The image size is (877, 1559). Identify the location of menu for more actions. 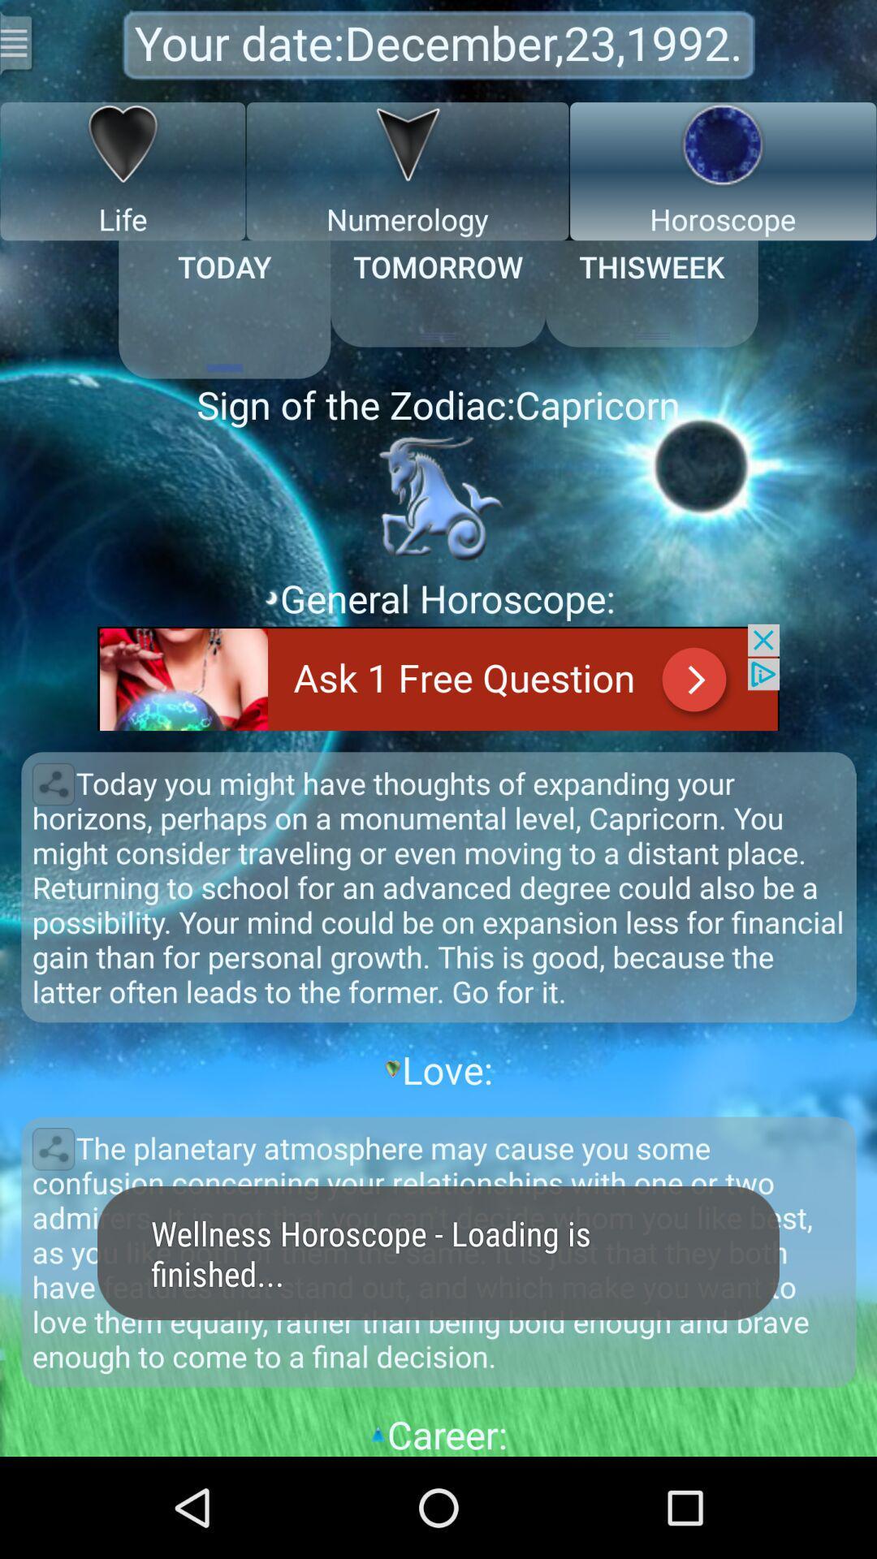
(18, 42).